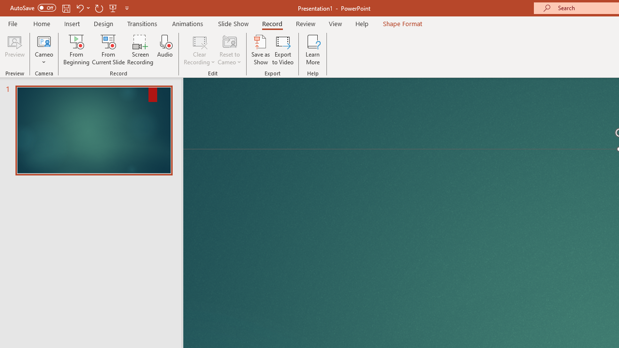 The image size is (619, 348). Describe the element at coordinates (44, 50) in the screenshot. I see `'Cameo'` at that location.